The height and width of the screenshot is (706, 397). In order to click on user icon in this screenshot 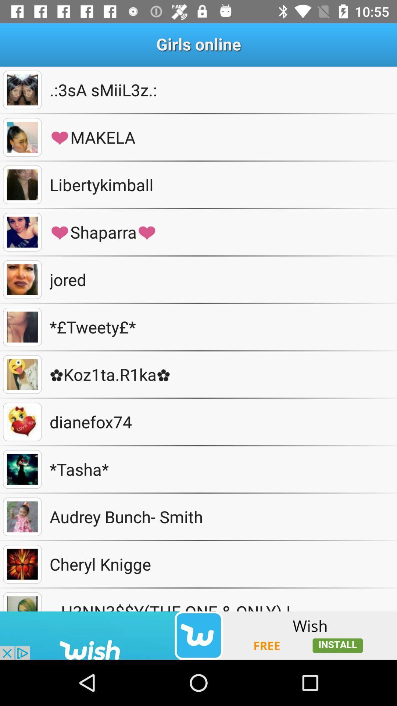, I will do `click(22, 422)`.